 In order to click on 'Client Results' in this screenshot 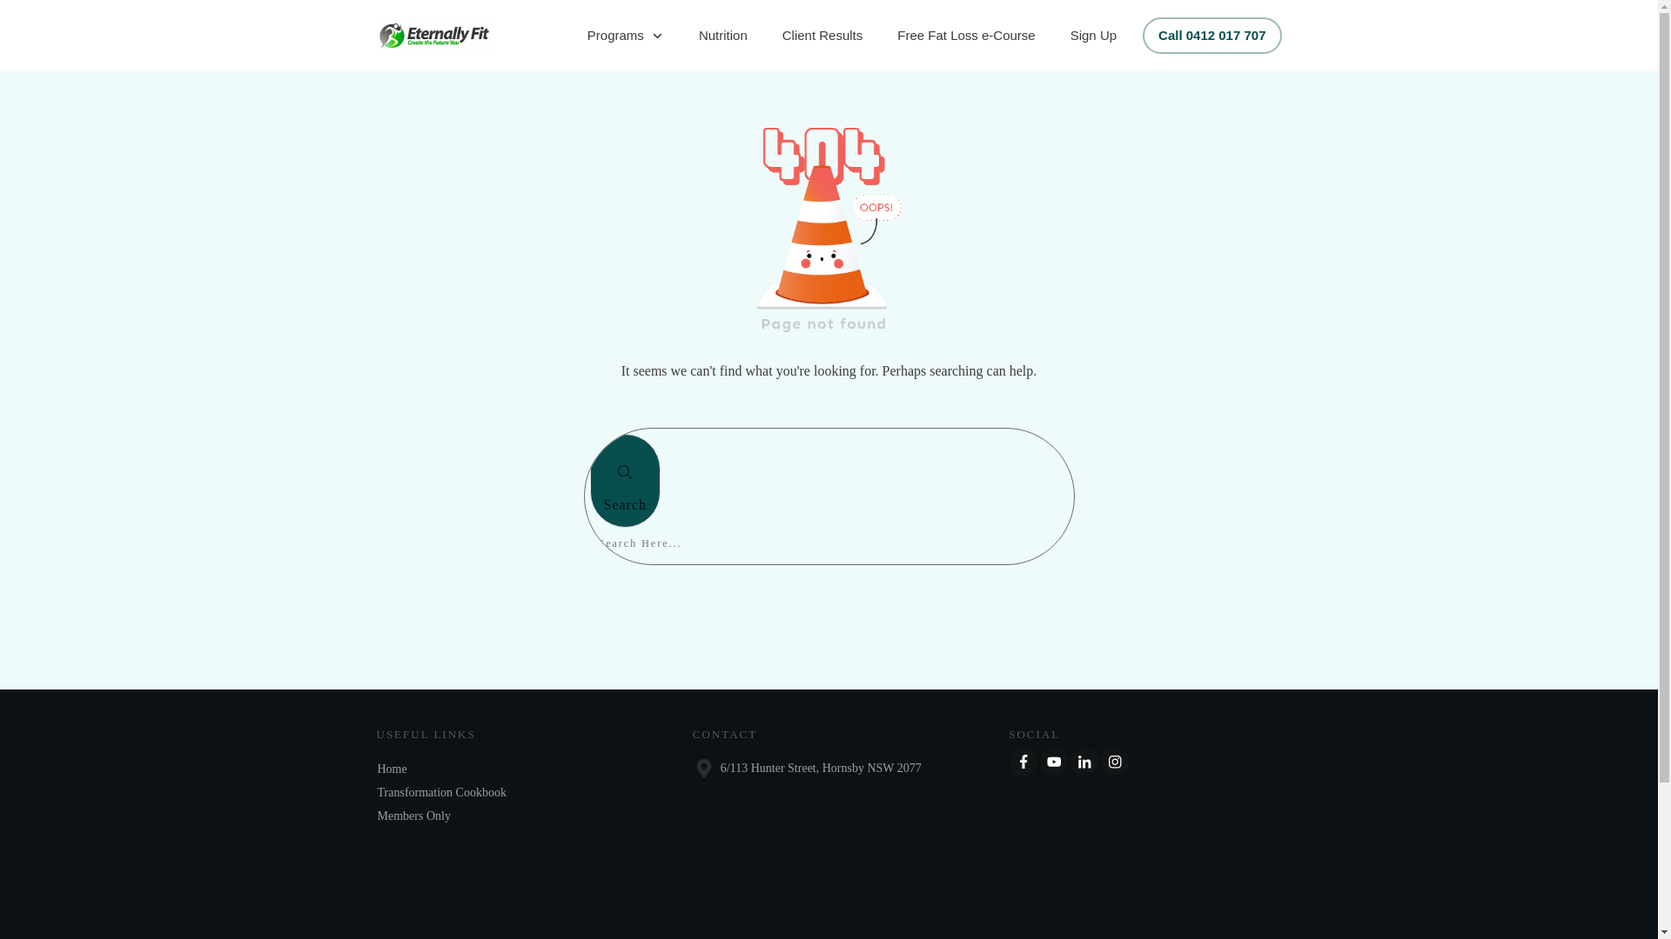, I will do `click(822, 36)`.